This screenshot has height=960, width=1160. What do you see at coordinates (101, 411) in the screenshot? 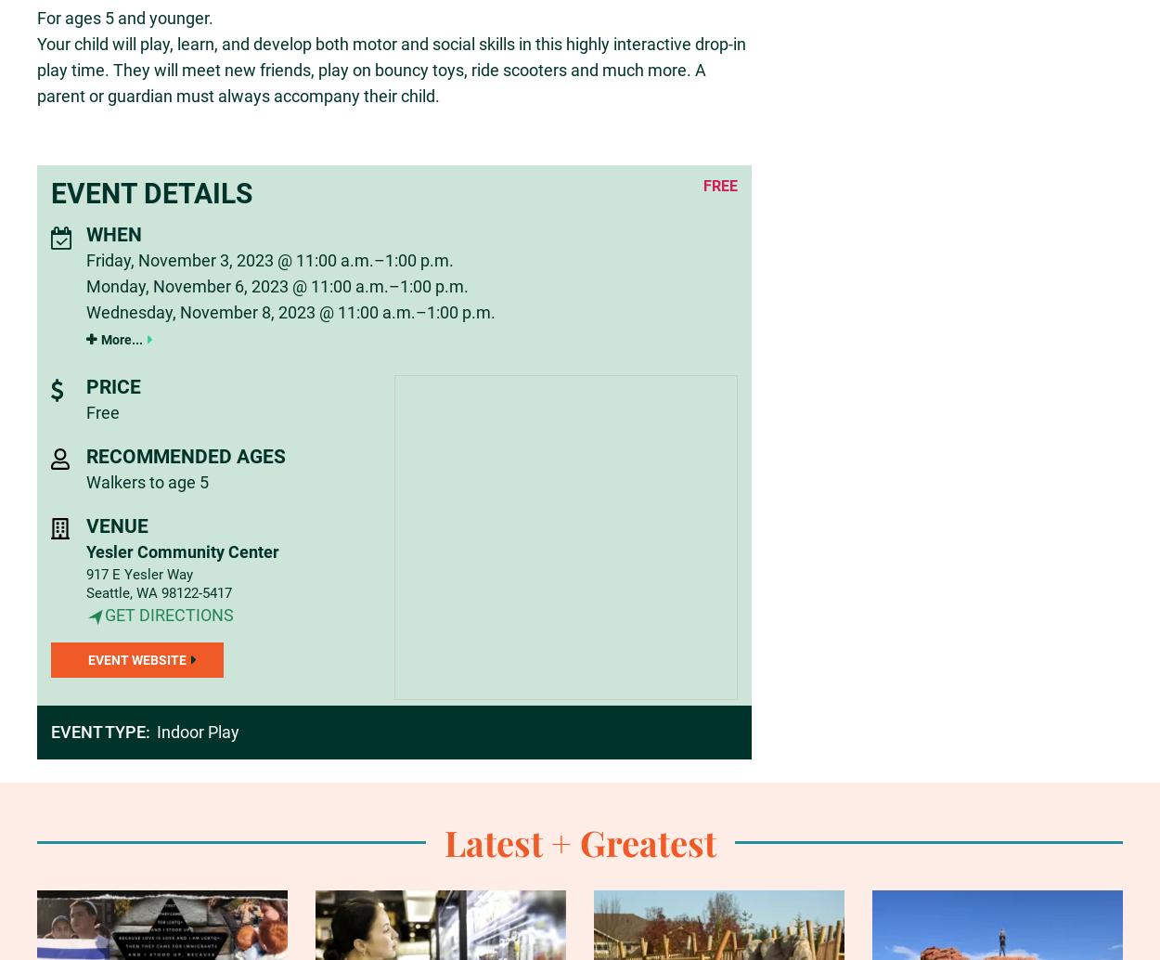
I see `'Free'` at bounding box center [101, 411].